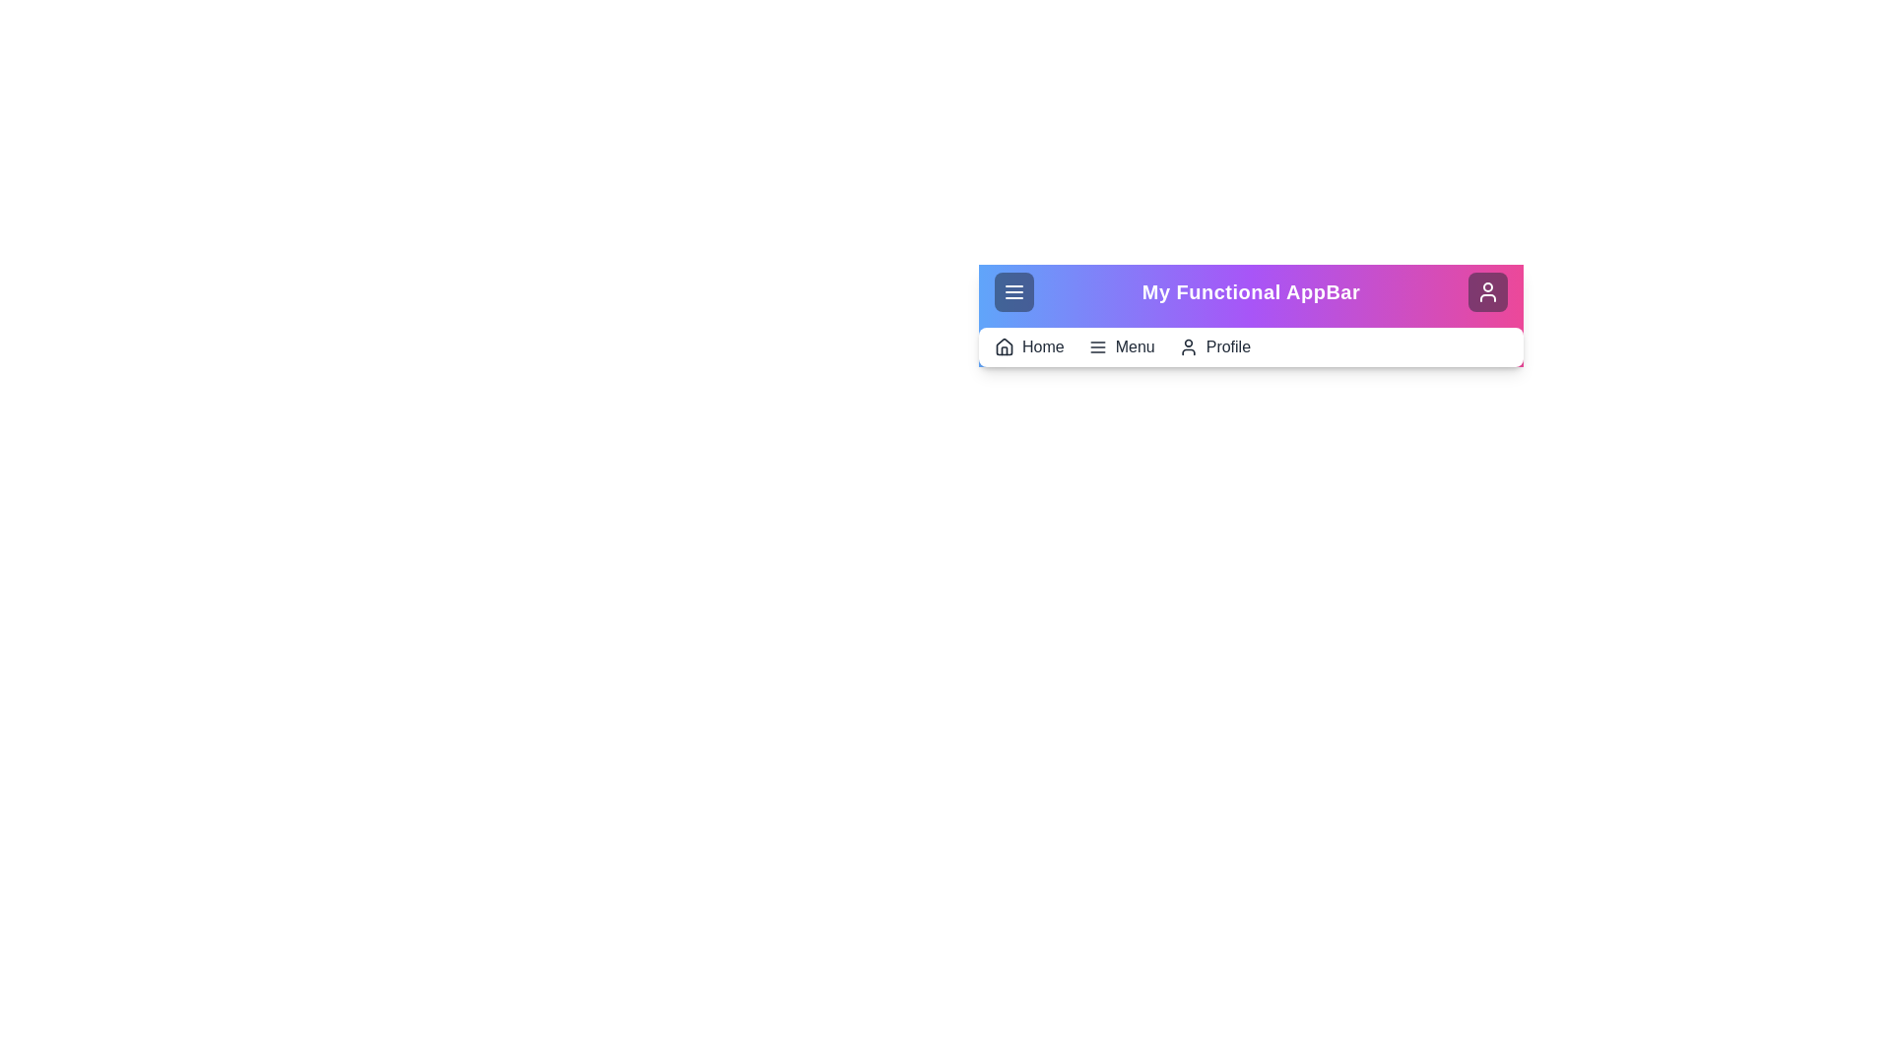 The height and width of the screenshot is (1063, 1891). What do you see at coordinates (1014, 292) in the screenshot?
I see `menu toggle button to toggle the navigation menu visibility` at bounding box center [1014, 292].